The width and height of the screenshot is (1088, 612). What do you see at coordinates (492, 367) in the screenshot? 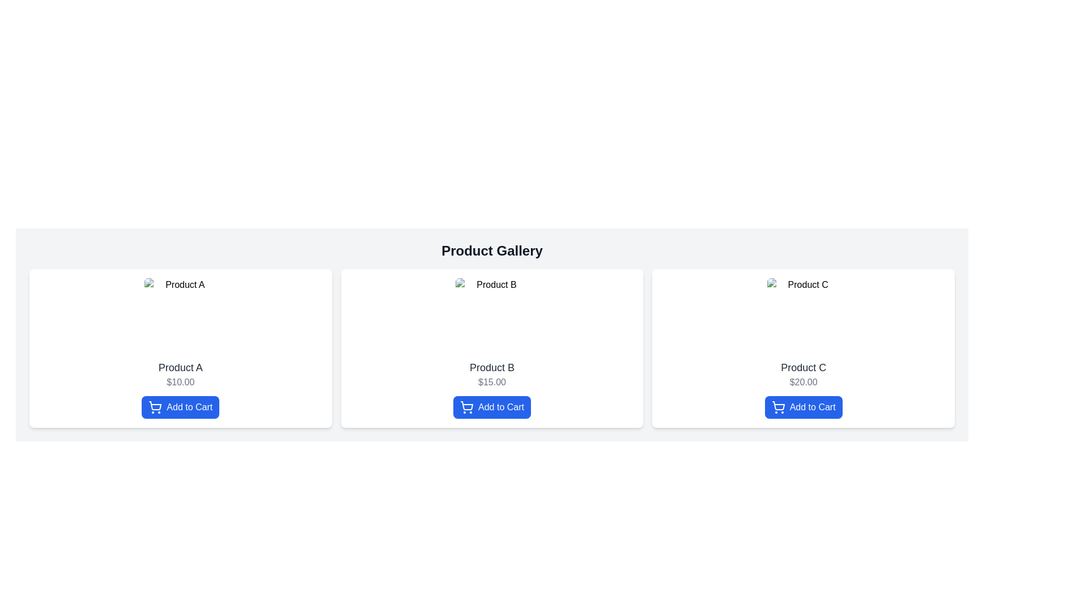
I see `the product visually using the static text label displaying 'Product B' located` at bounding box center [492, 367].